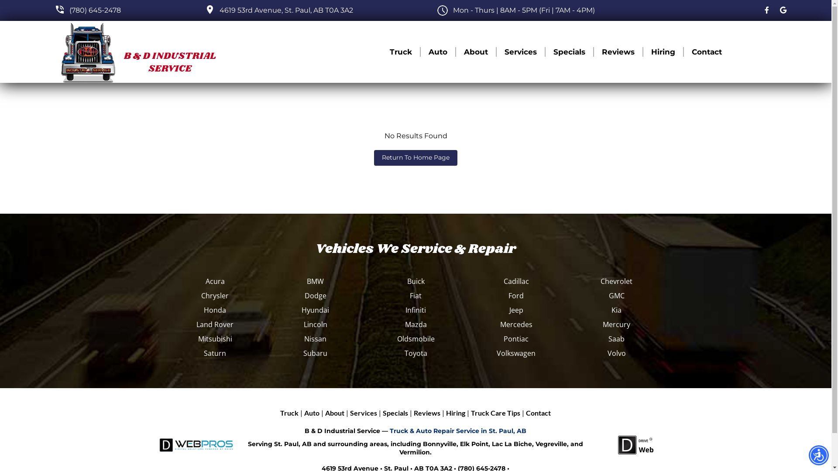 Image resolution: width=838 pixels, height=471 pixels. Describe the element at coordinates (616, 295) in the screenshot. I see `'GMC'` at that location.